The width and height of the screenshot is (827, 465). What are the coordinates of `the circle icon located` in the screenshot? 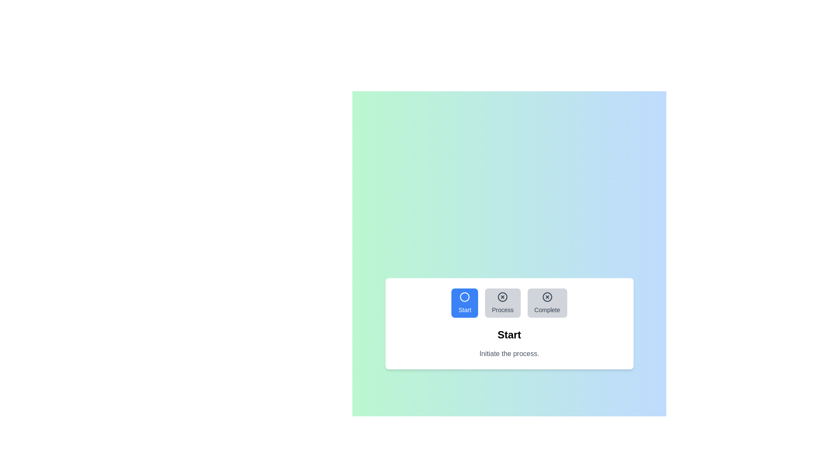 It's located at (464, 297).